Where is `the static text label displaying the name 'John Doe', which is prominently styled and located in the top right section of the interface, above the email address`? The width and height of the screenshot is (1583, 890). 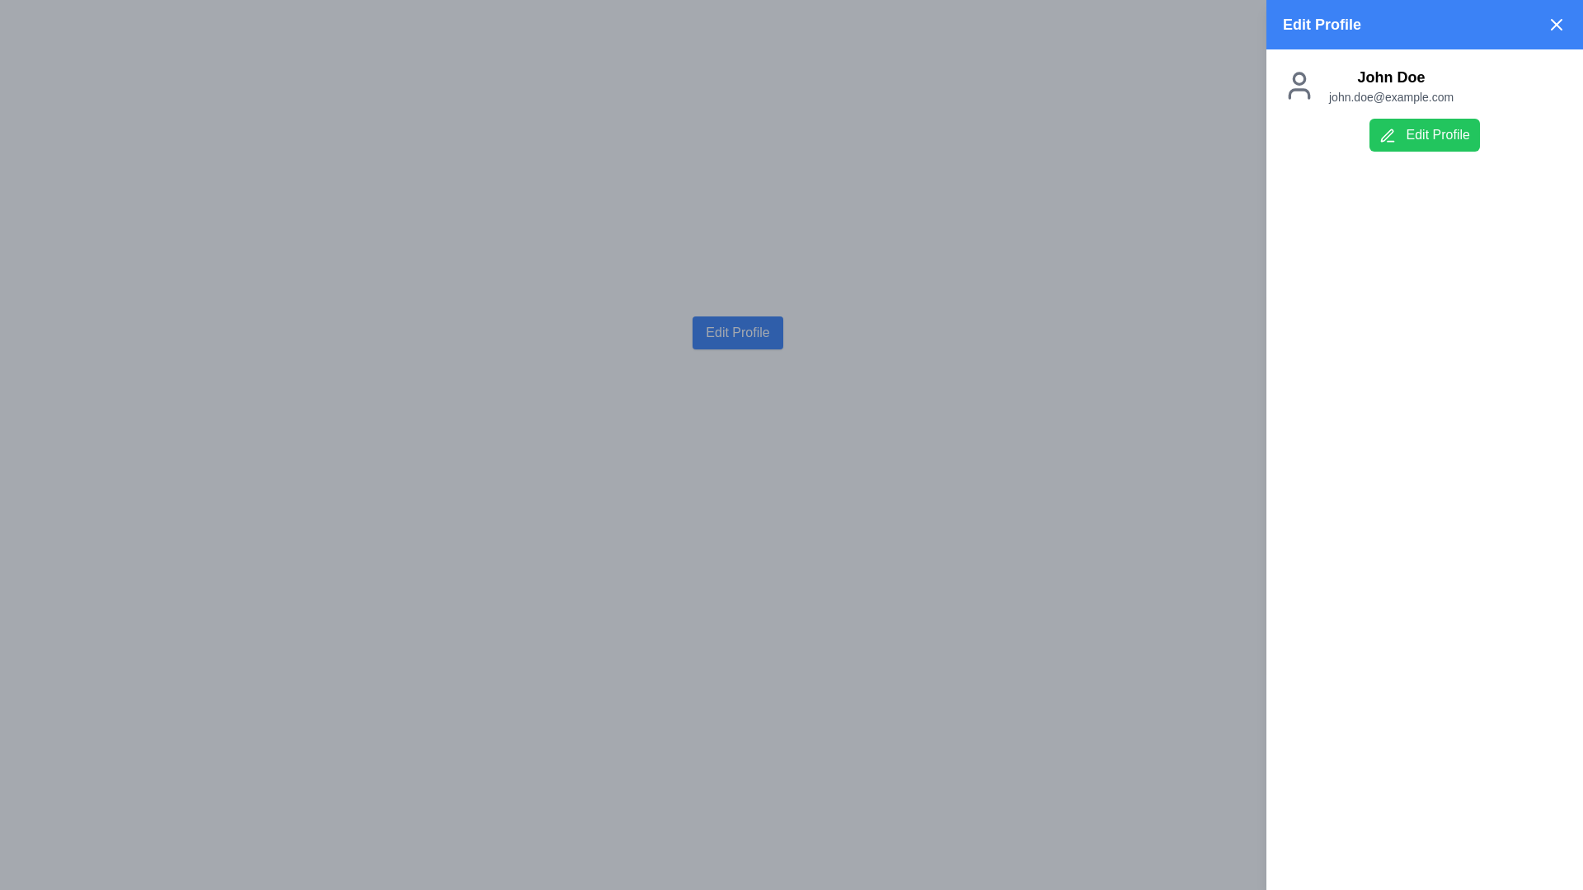
the static text label displaying the name 'John Doe', which is prominently styled and located in the top right section of the interface, above the email address is located at coordinates (1390, 77).